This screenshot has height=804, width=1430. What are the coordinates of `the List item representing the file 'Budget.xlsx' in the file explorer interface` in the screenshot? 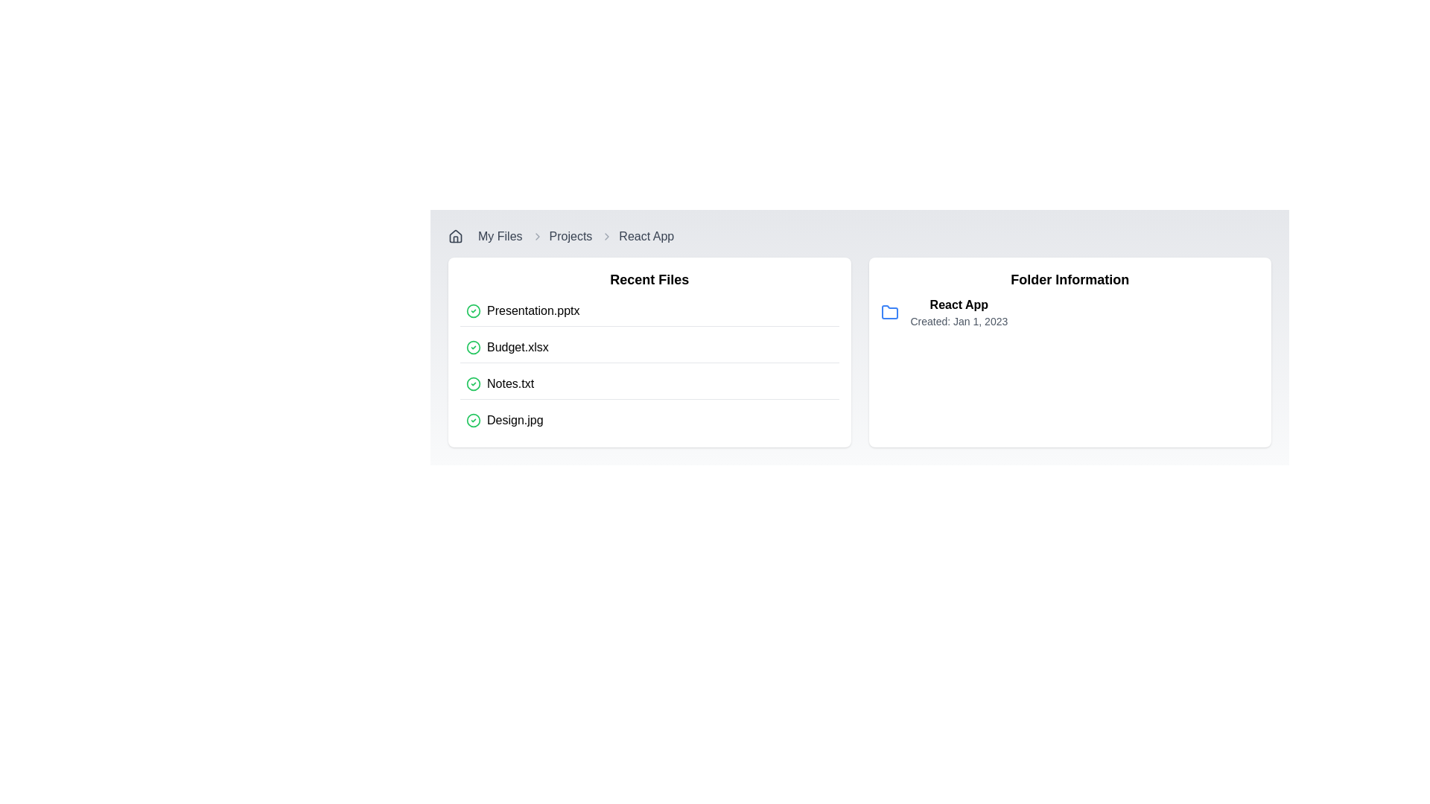 It's located at (649, 348).